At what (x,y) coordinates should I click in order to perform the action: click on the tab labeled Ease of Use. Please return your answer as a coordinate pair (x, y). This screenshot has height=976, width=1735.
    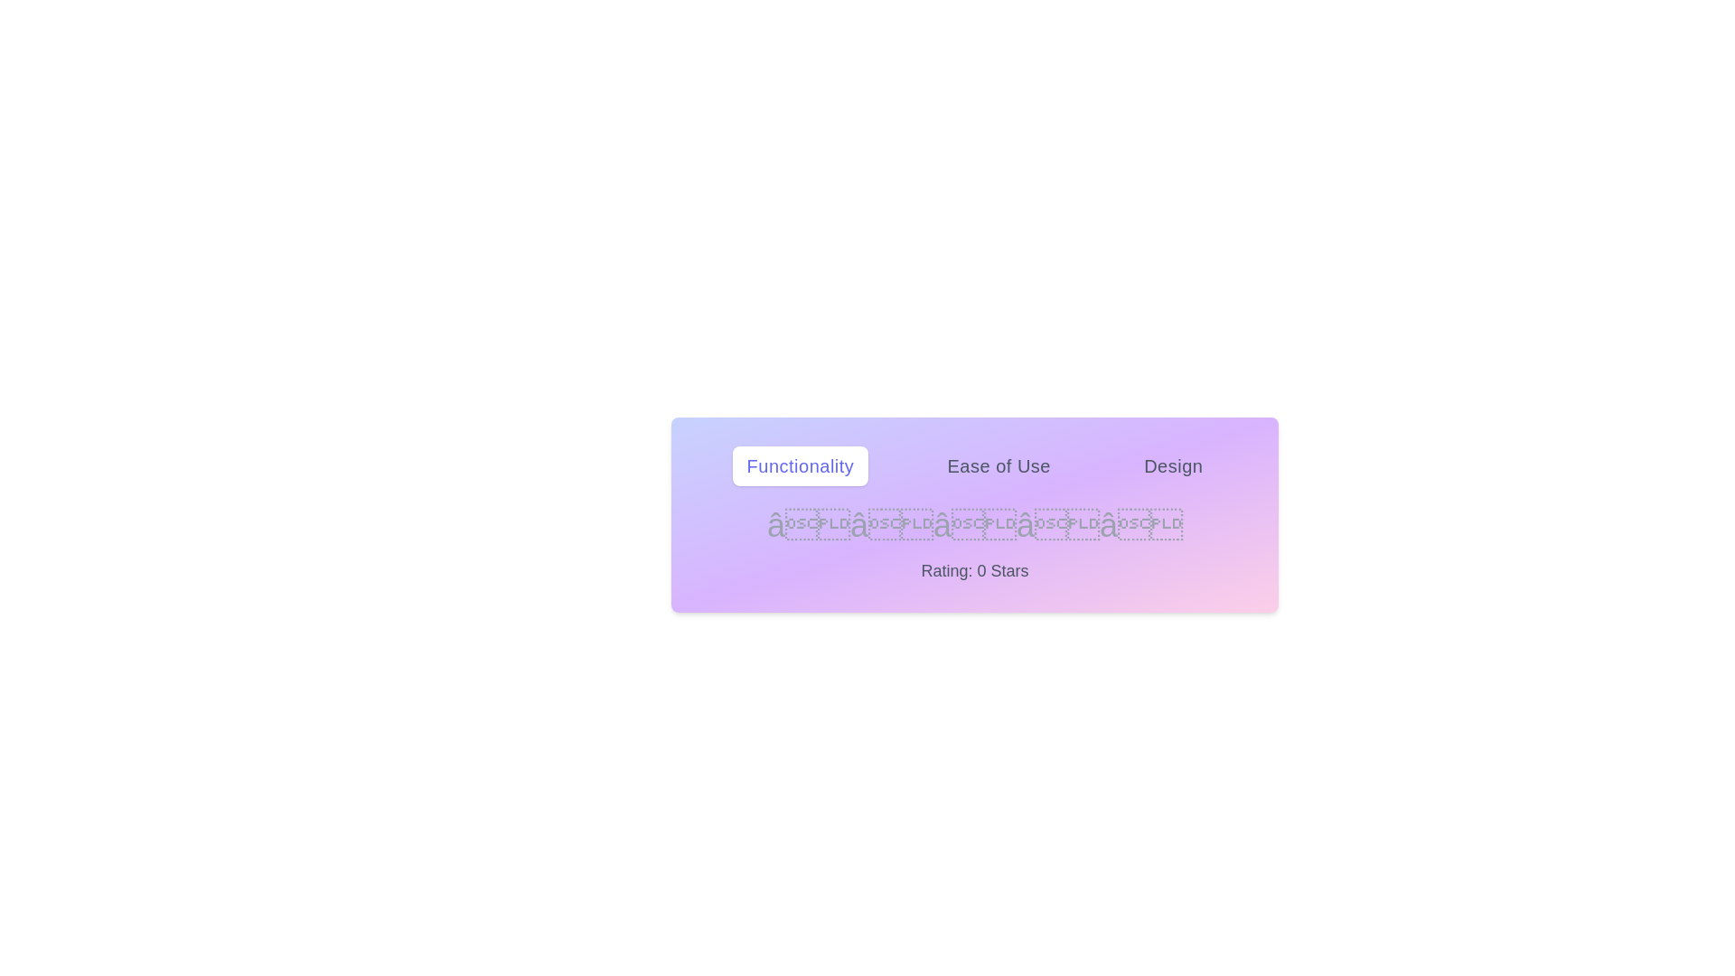
    Looking at the image, I should click on (998, 465).